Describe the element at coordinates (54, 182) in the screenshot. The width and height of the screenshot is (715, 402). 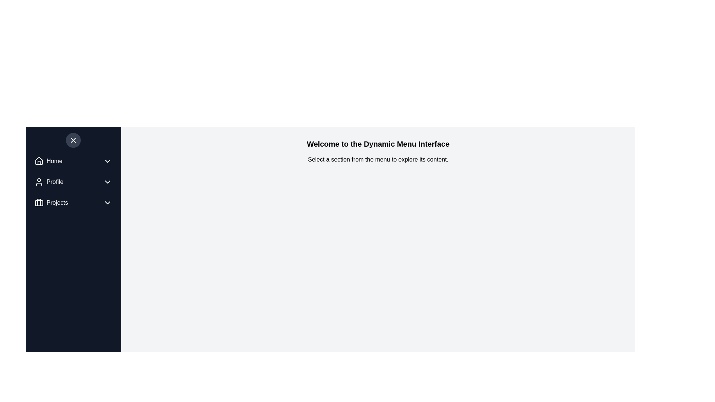
I see `the 'Profile' text label in the navigation bar` at that location.